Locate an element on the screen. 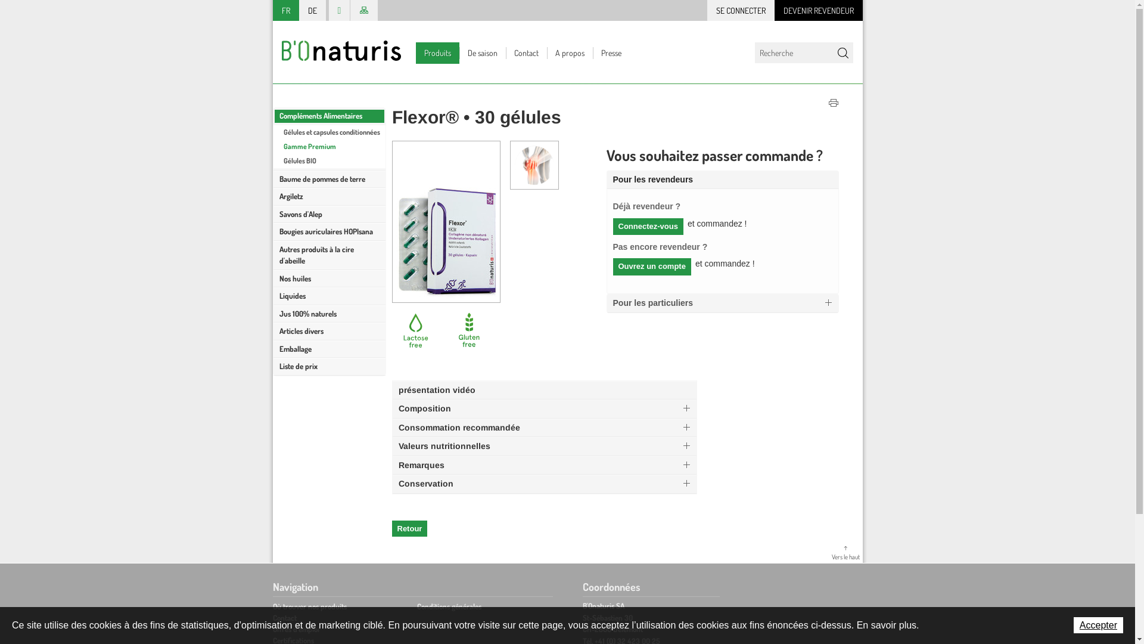  'Liquides' is located at coordinates (329, 296).